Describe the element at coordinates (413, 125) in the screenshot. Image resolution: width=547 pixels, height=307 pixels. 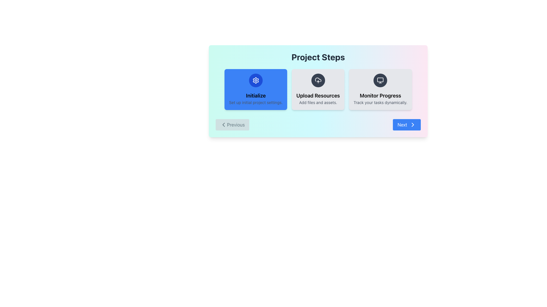
I see `the forward navigation icon located in the bottom-right corner of the step navigation section, positioned directly to the right of the 'Next' button text` at that location.